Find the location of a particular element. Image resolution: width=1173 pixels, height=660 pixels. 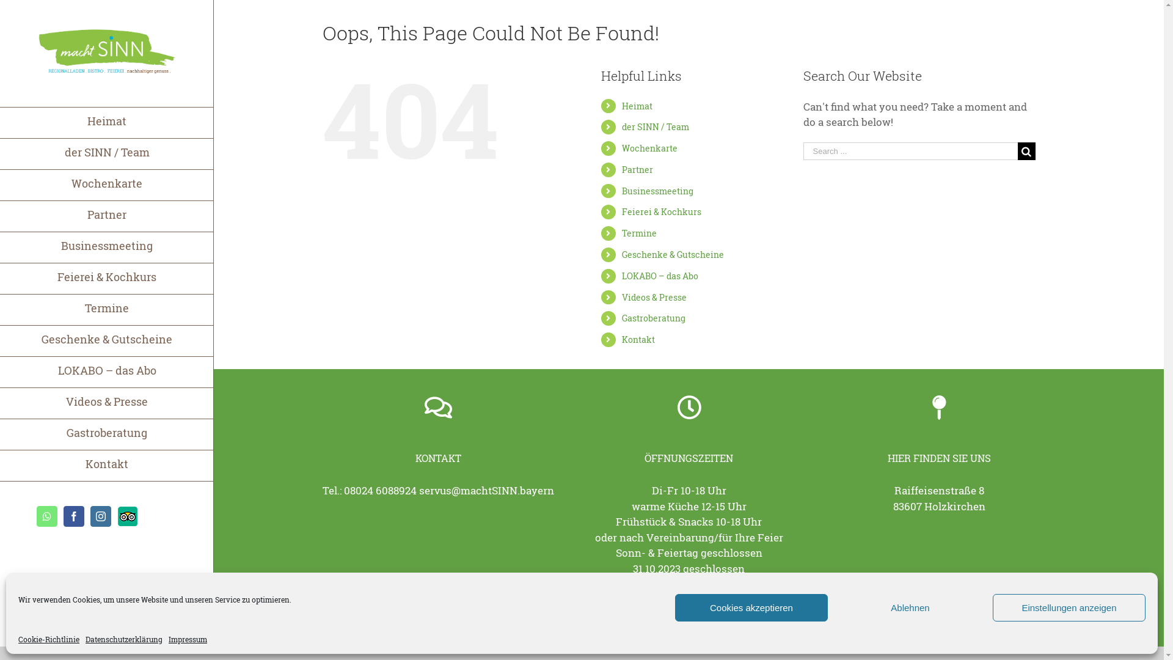

'Partner' is located at coordinates (637, 169).